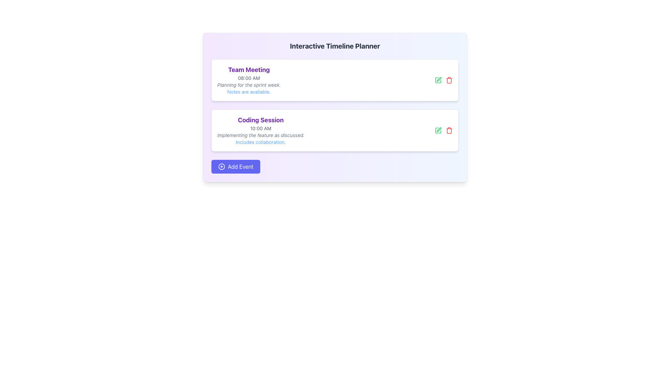 The image size is (661, 372). What do you see at coordinates (221, 166) in the screenshot?
I see `the circular-plus icon representing the 'Add Event' functionality, which is located at the center of the 'Add Event' button` at bounding box center [221, 166].